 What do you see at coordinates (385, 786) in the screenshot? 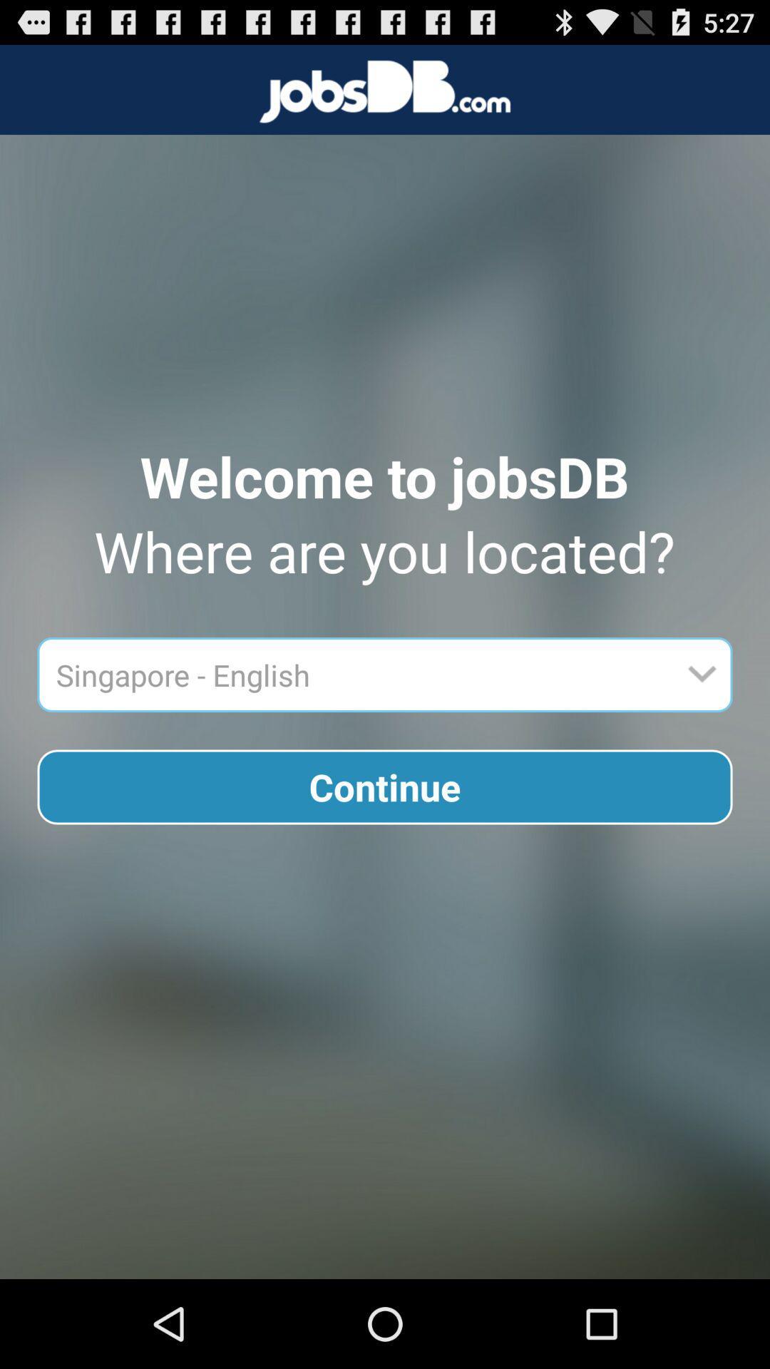
I see `continue` at bounding box center [385, 786].